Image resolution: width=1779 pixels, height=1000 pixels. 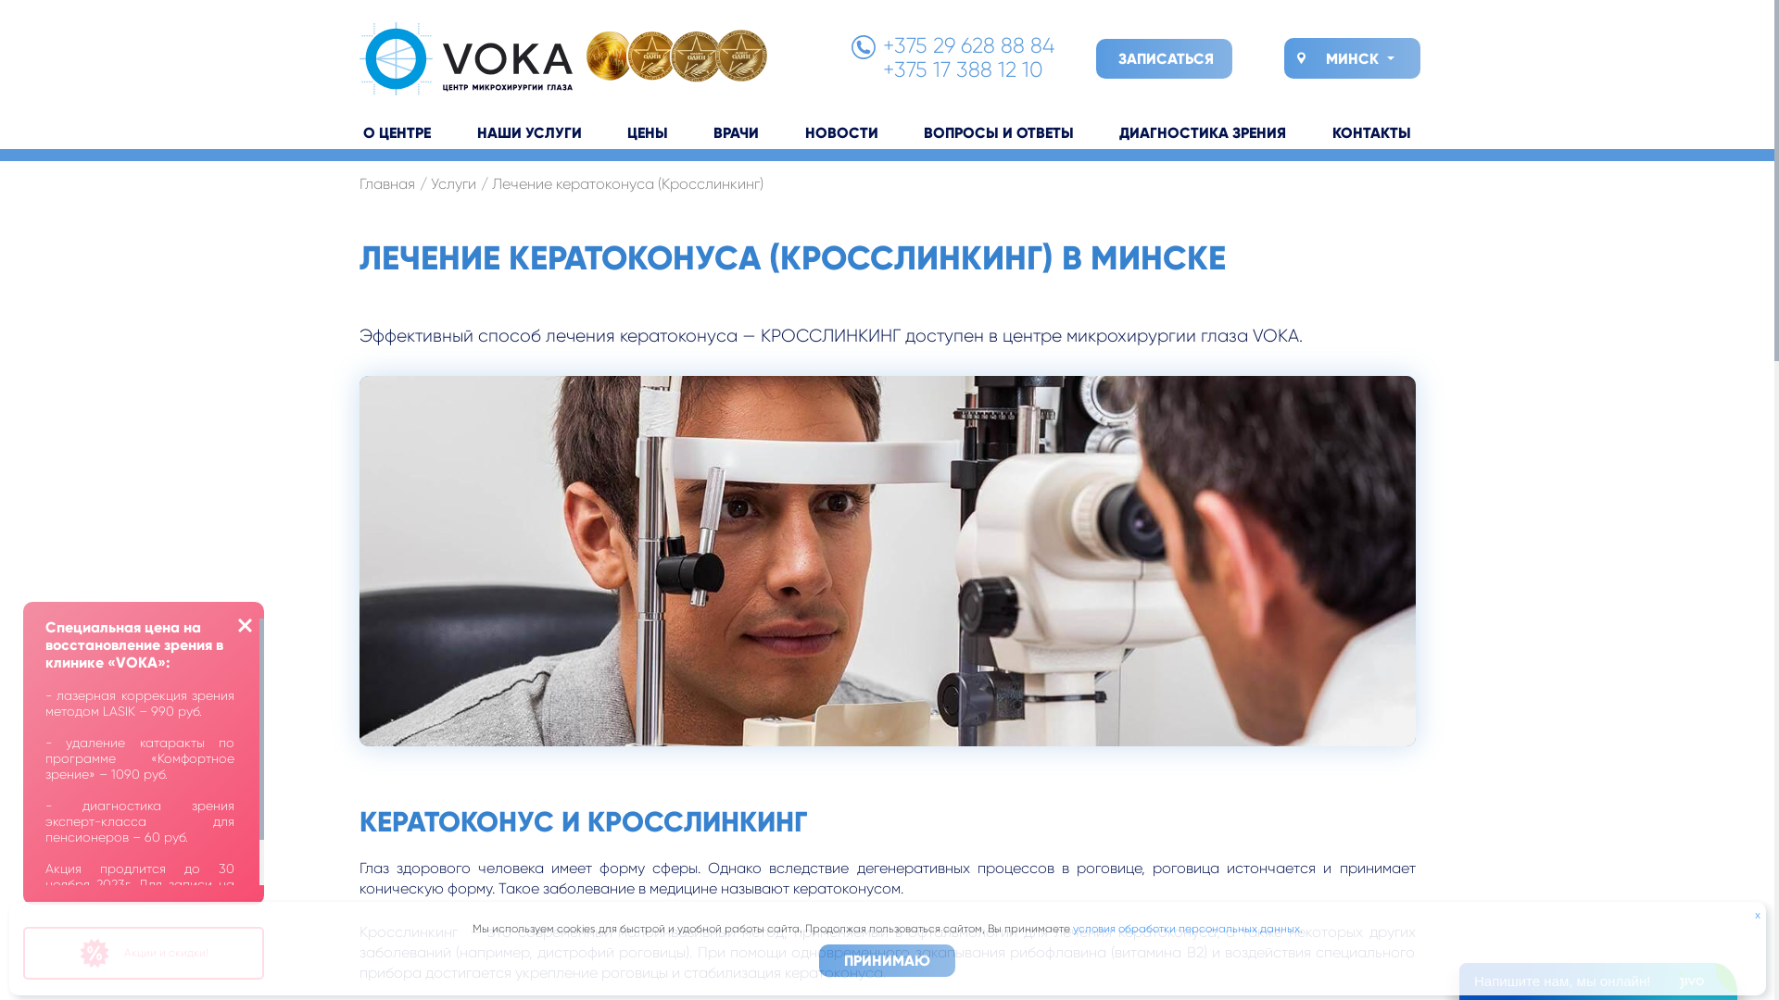 I want to click on '+375 29 628 88 84', so click(x=966, y=44).